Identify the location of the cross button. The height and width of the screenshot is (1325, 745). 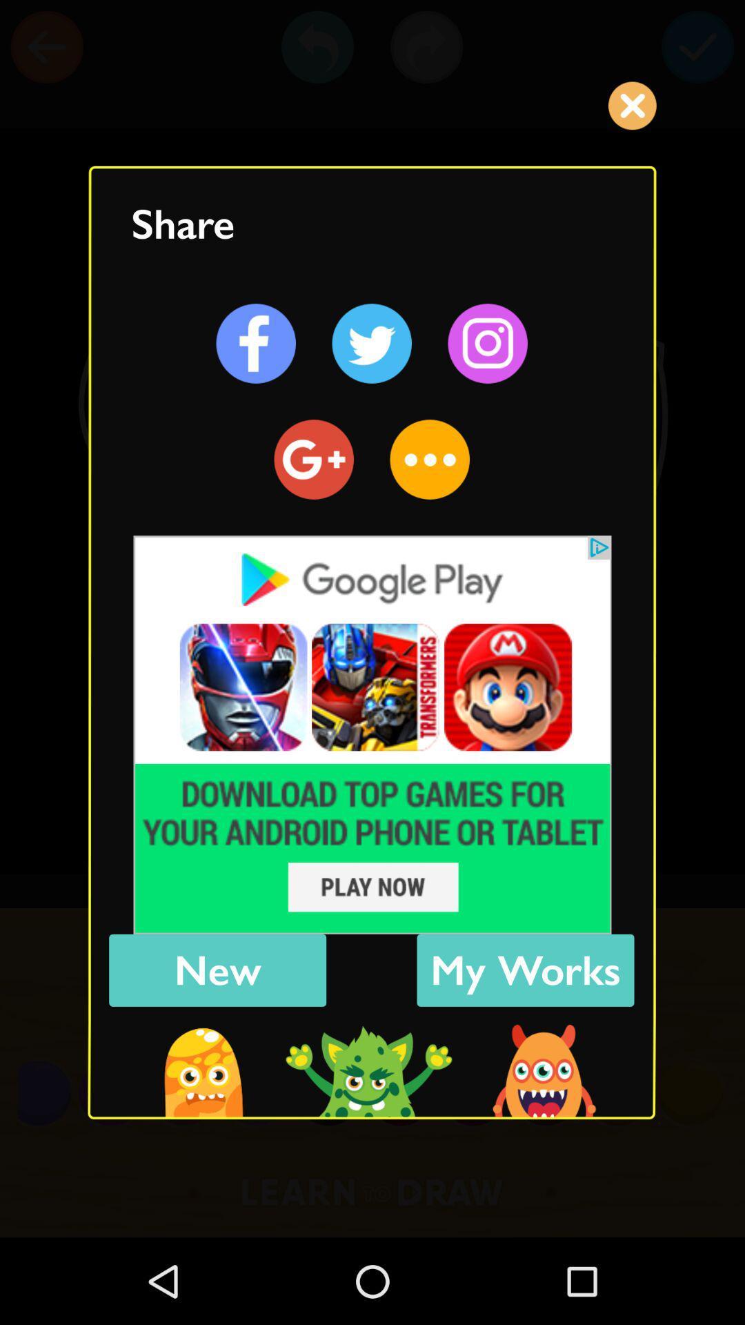
(633, 105).